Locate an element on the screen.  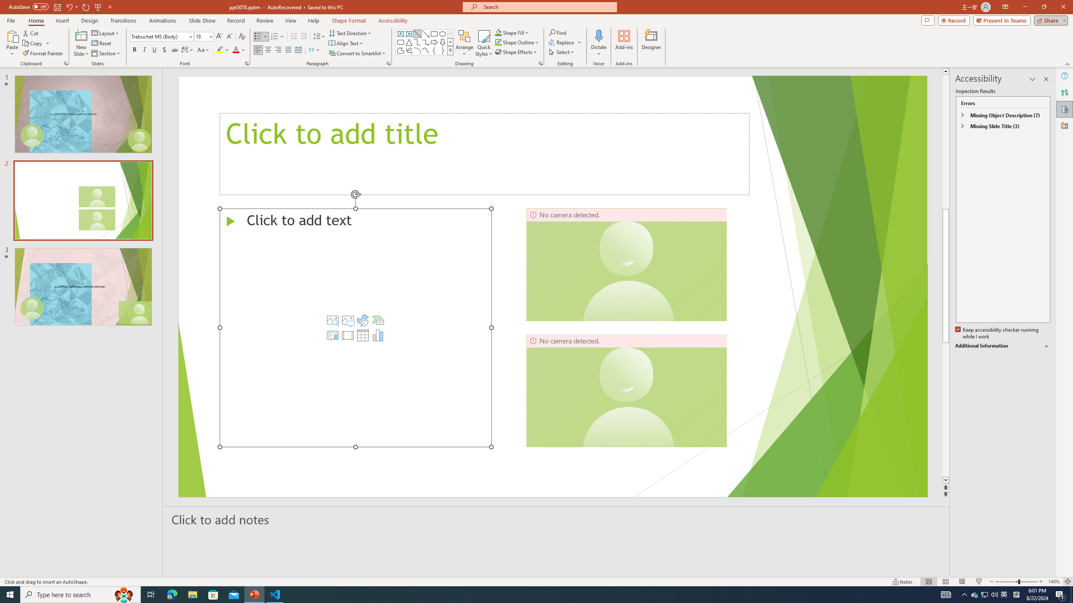
'Decrease Font Size' is located at coordinates (229, 36).